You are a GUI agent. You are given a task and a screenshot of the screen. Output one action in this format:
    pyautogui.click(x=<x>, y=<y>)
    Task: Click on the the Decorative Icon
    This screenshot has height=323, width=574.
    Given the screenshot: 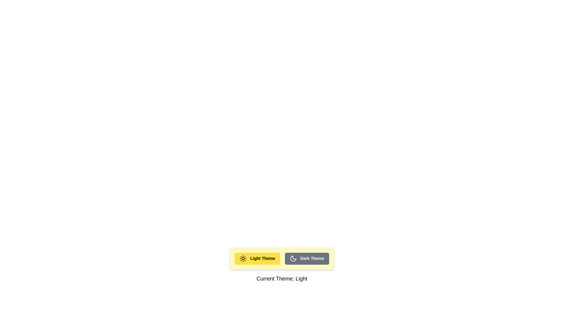 What is the action you would take?
    pyautogui.click(x=243, y=258)
    